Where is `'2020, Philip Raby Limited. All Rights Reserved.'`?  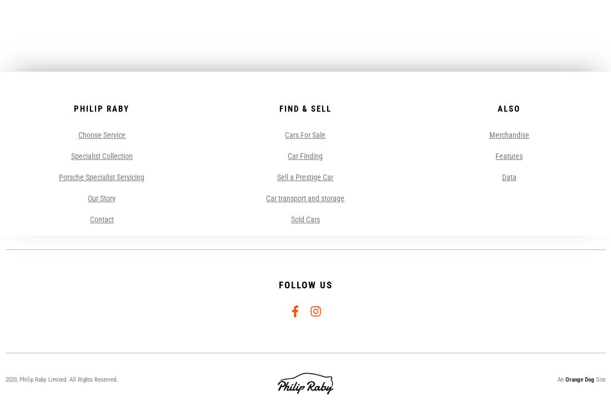
'2020, Philip Raby Limited. All Rights Reserved.' is located at coordinates (61, 379).